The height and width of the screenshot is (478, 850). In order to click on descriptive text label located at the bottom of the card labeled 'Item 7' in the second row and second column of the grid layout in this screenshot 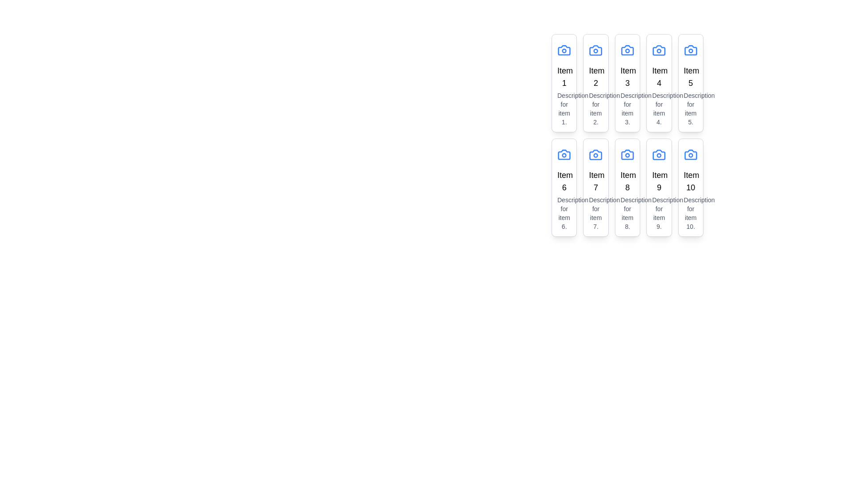, I will do `click(596, 213)`.